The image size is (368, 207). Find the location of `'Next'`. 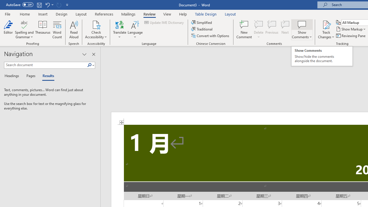

'Next' is located at coordinates (285, 30).